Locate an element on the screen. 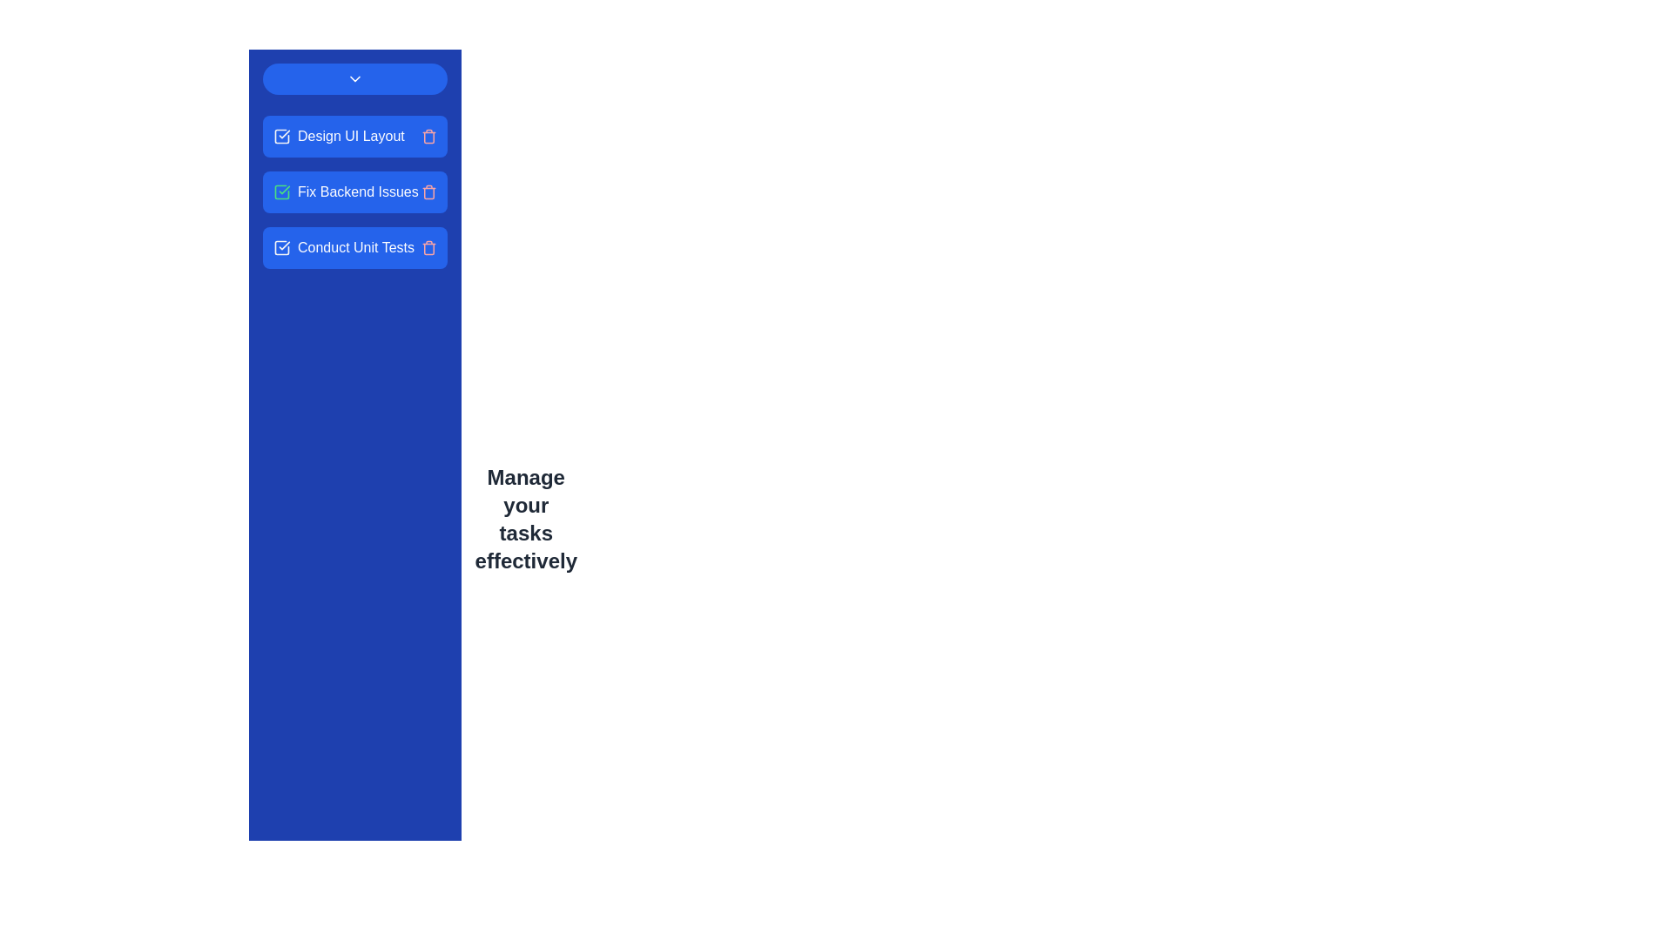  the task list item labeled 'Fix Backend Issues' is located at coordinates (346, 191).